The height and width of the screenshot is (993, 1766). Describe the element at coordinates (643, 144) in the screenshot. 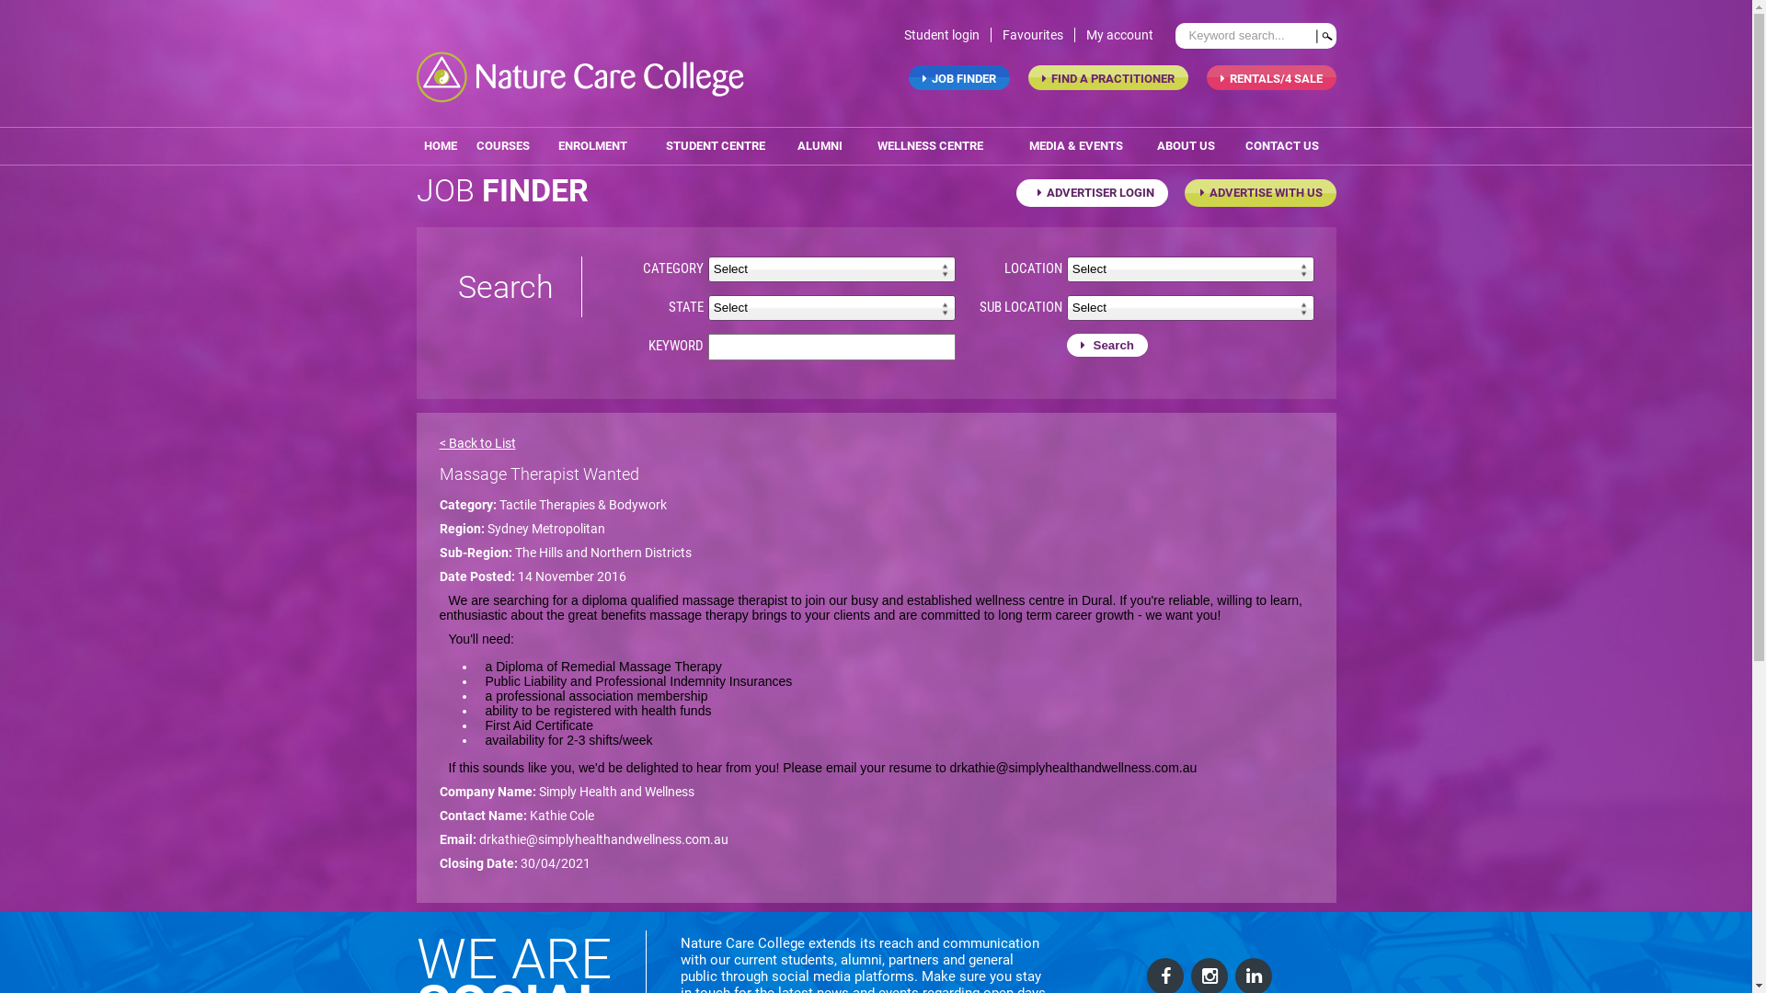

I see `'STUDENT CENTRE'` at that location.